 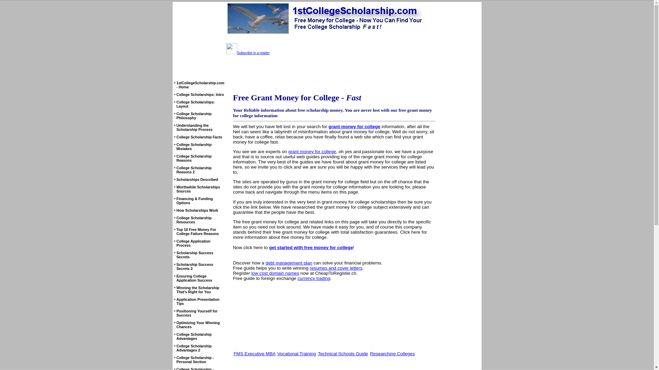 What do you see at coordinates (195, 359) in the screenshot?
I see `'College Scholarship - Personal Section'` at bounding box center [195, 359].